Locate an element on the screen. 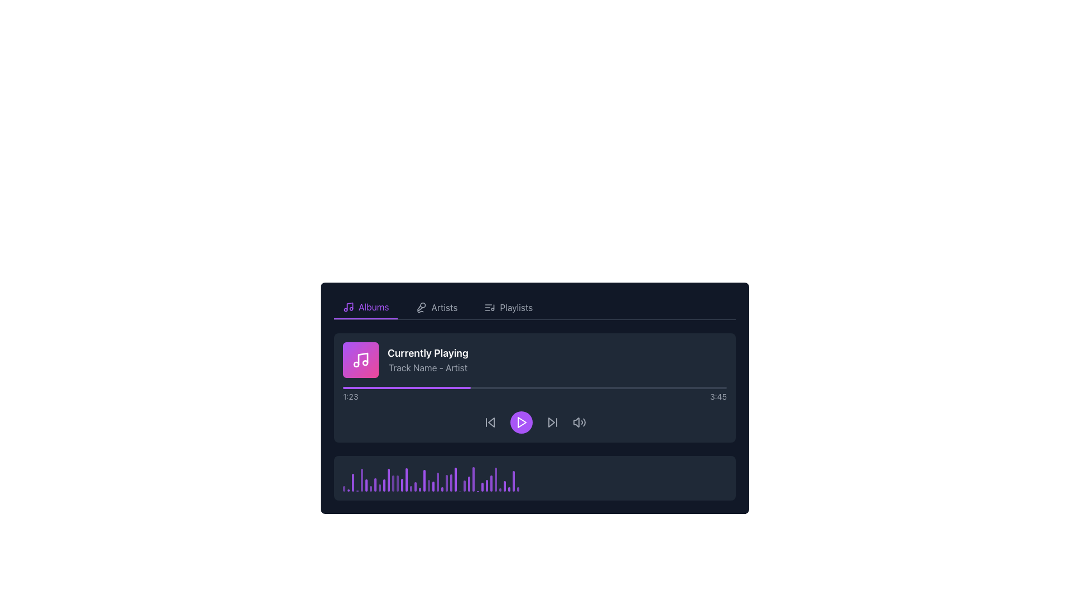  the graphical visualization component that dynamically represents the currently playing music or sound, located at the bottom of the music playback interface, below the control buttons and progress bar is located at coordinates (534, 477).